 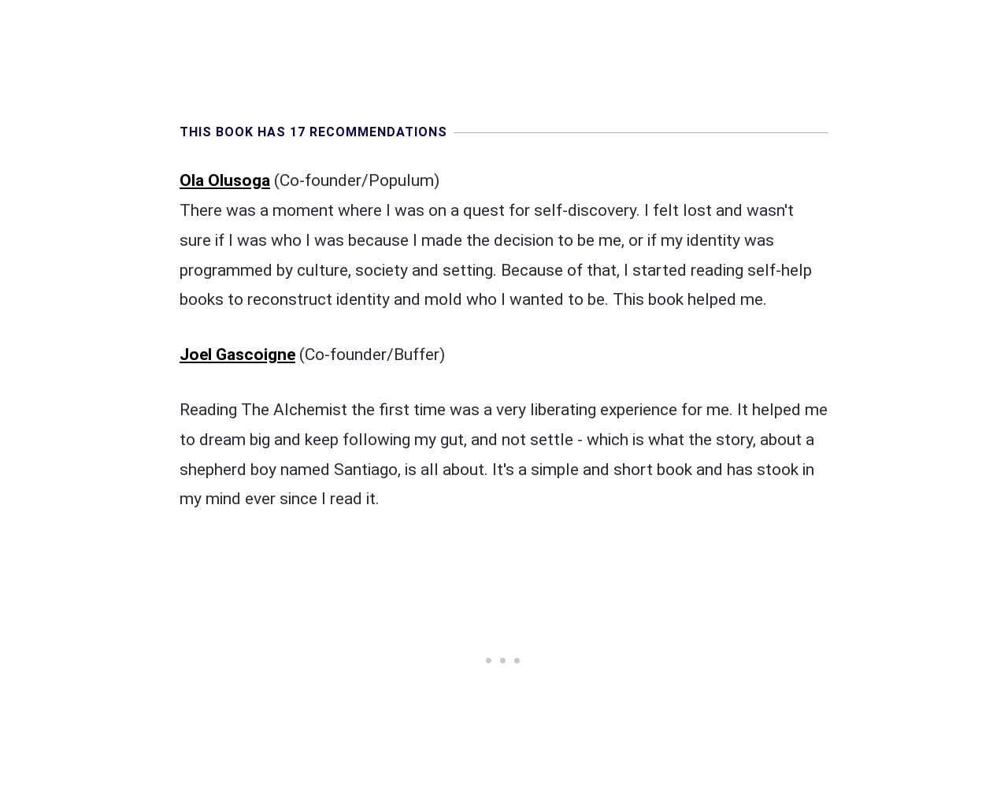 What do you see at coordinates (495, 254) in the screenshot?
I see `'There was a moment where I was on a quest for self-discovery. I felt lost and wasn't sure if I was who I was because I made the decision to be me, or if my identity was programmed by culture, society and setting. Because of that, I started reading self-help books to reconstruct identity and mold who I wanted to be. This book helped me.'` at bounding box center [495, 254].